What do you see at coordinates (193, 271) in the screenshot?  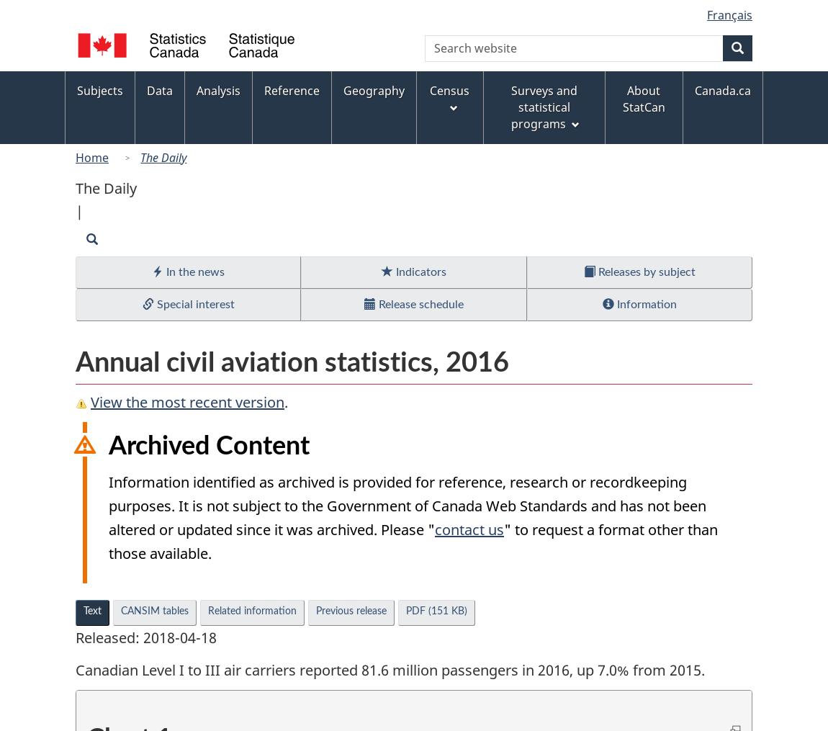 I see `'In the news'` at bounding box center [193, 271].